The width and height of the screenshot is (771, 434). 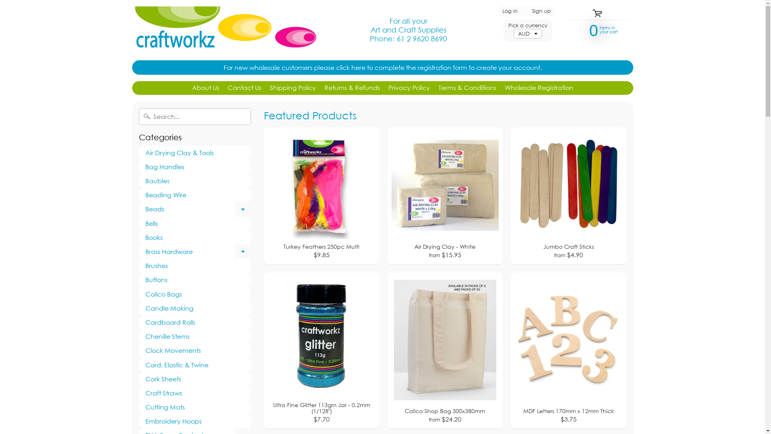 What do you see at coordinates (195, 294) in the screenshot?
I see `'Calico Bags'` at bounding box center [195, 294].